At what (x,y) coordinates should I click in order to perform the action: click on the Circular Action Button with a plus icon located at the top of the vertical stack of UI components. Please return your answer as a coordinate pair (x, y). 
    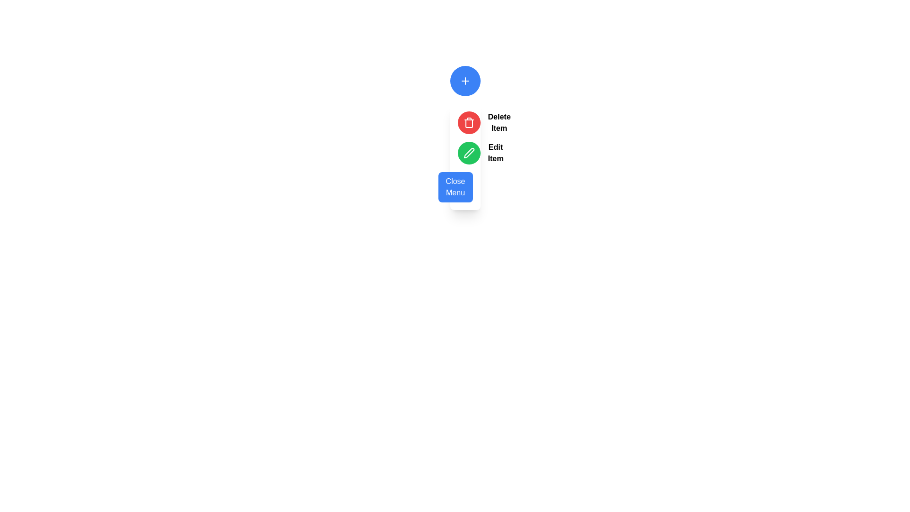
    Looking at the image, I should click on (465, 80).